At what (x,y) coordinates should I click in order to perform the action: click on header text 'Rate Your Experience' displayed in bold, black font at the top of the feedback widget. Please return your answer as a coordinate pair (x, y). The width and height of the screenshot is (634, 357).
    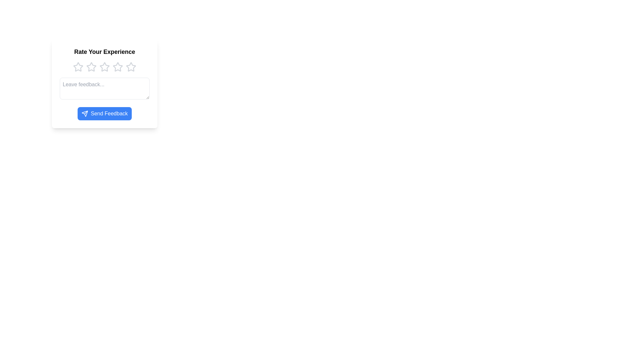
    Looking at the image, I should click on (104, 52).